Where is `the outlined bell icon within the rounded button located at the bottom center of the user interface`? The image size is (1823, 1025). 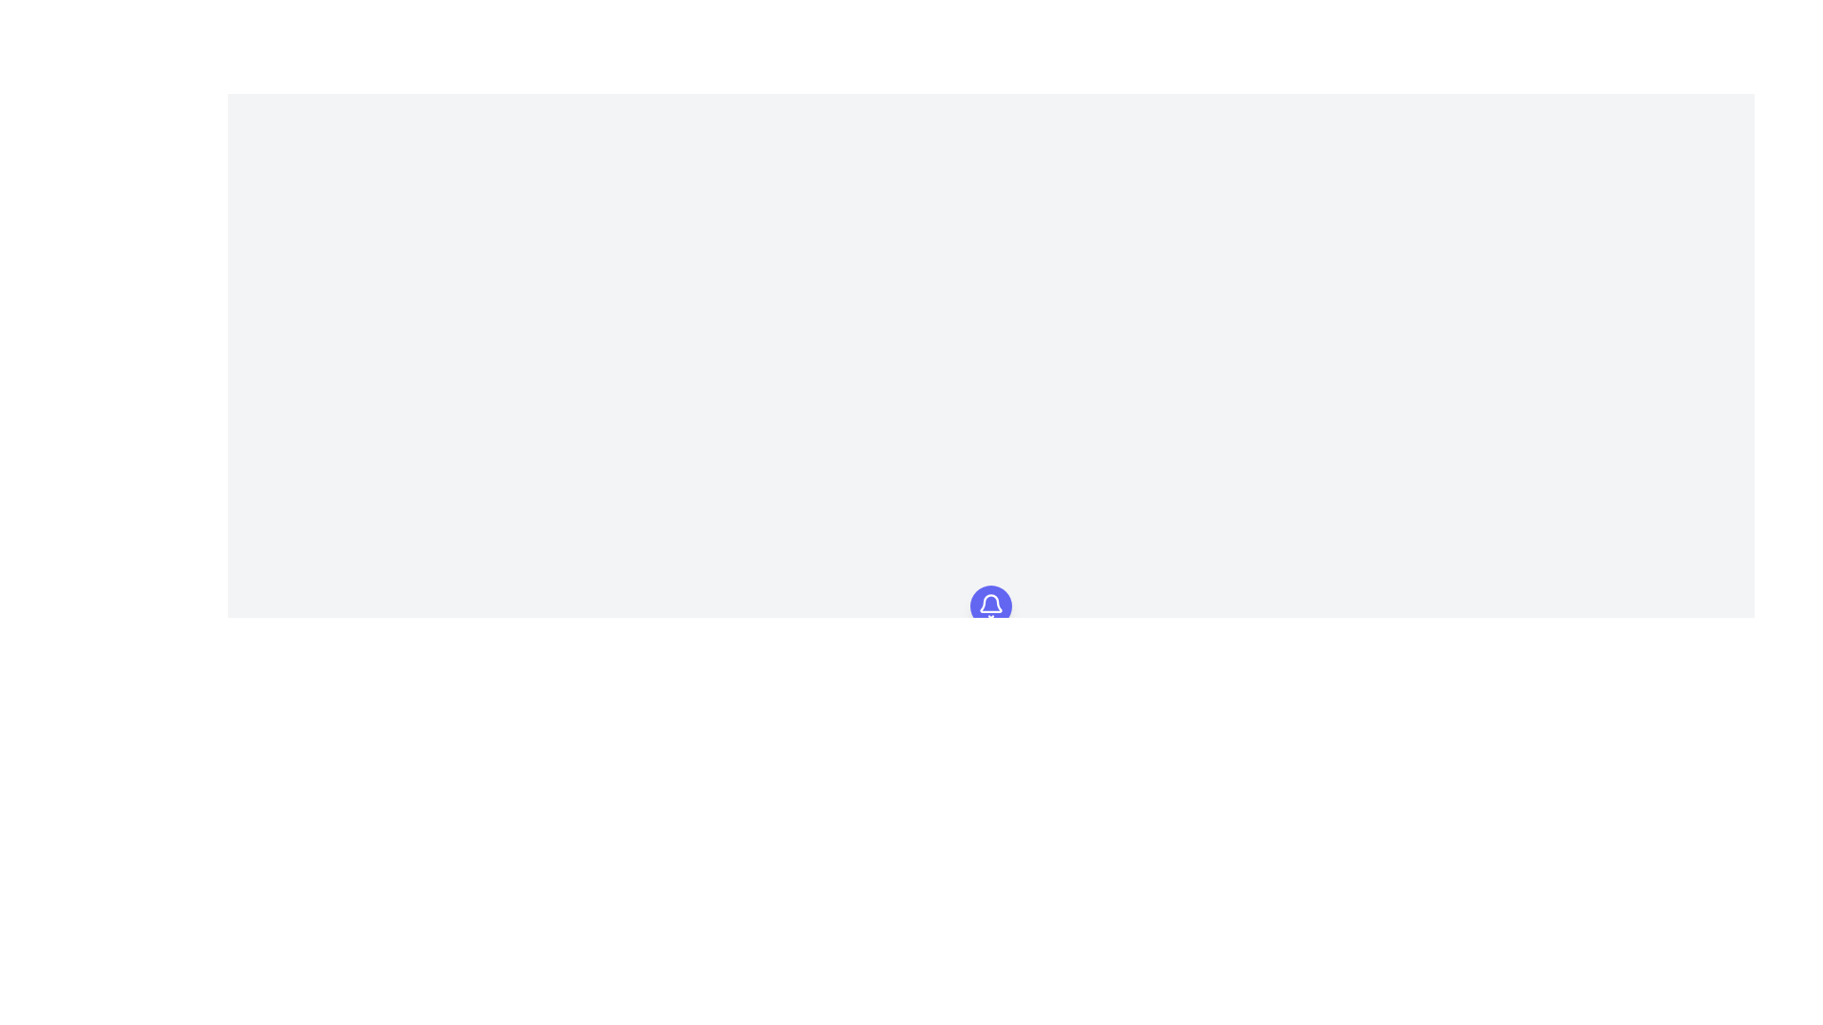 the outlined bell icon within the rounded button located at the bottom center of the user interface is located at coordinates (989, 606).